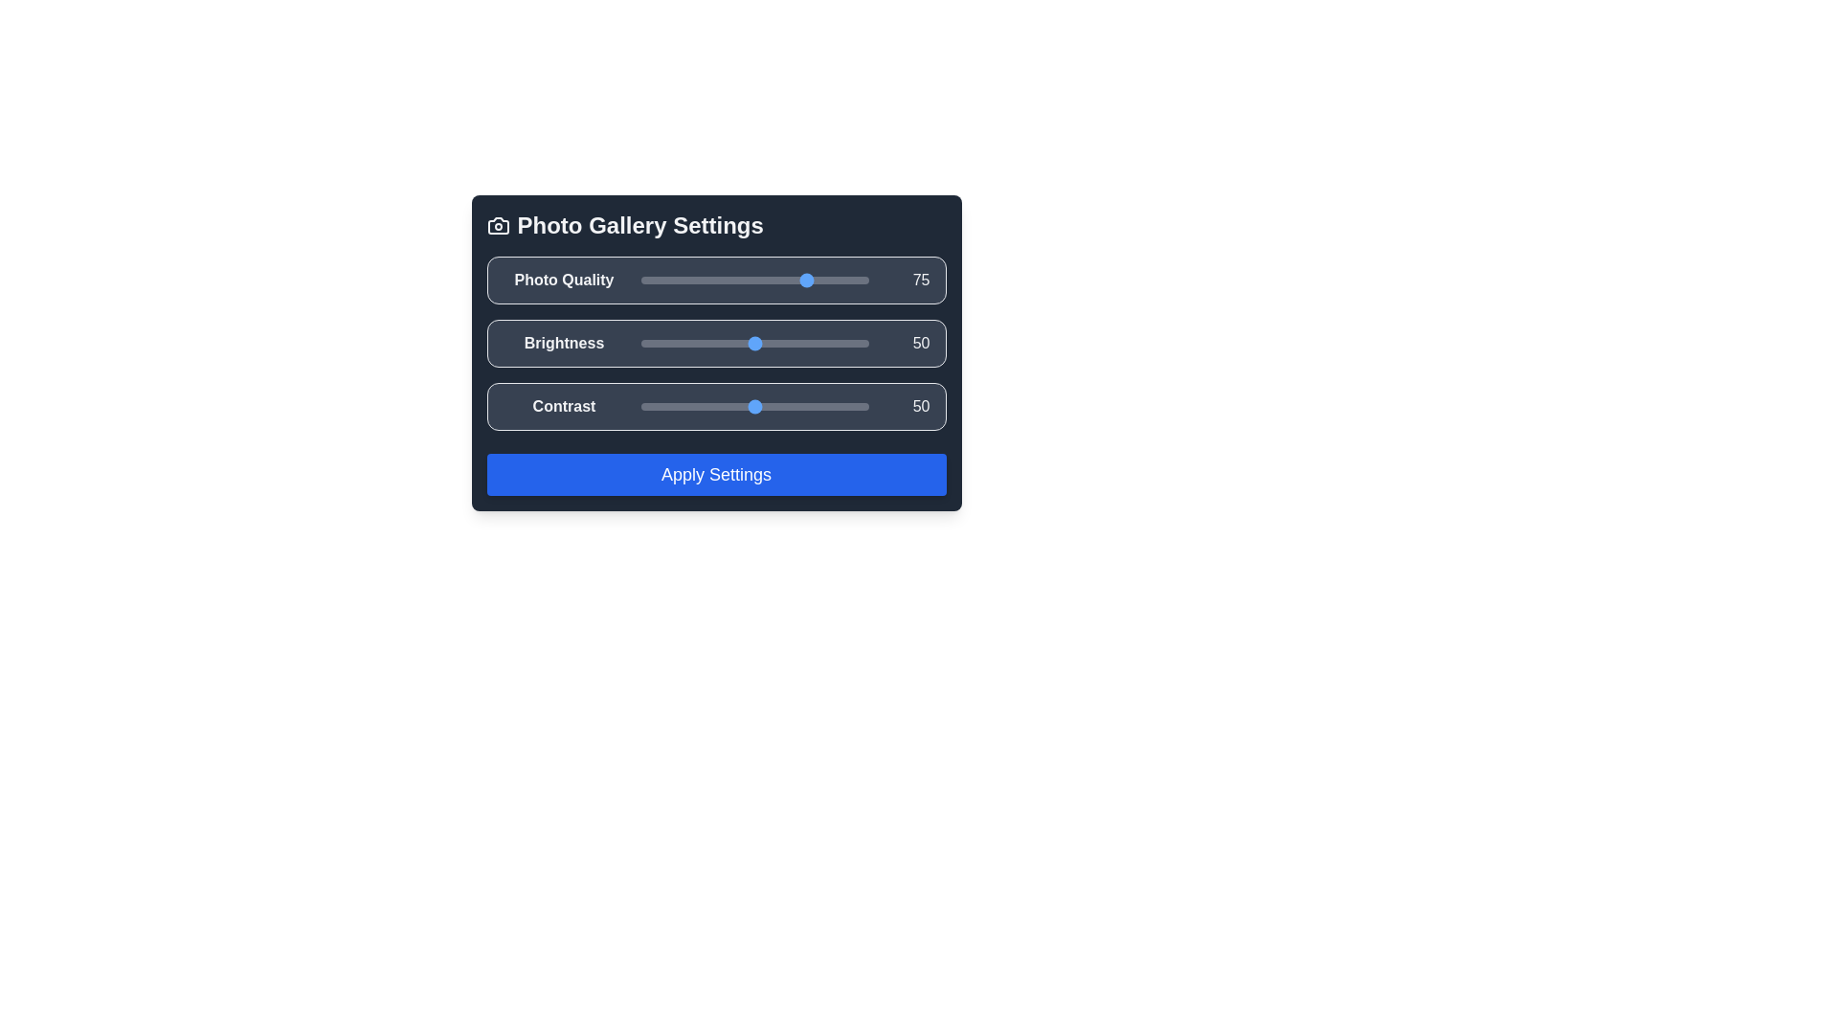  What do you see at coordinates (650, 342) in the screenshot?
I see `the brightness` at bounding box center [650, 342].